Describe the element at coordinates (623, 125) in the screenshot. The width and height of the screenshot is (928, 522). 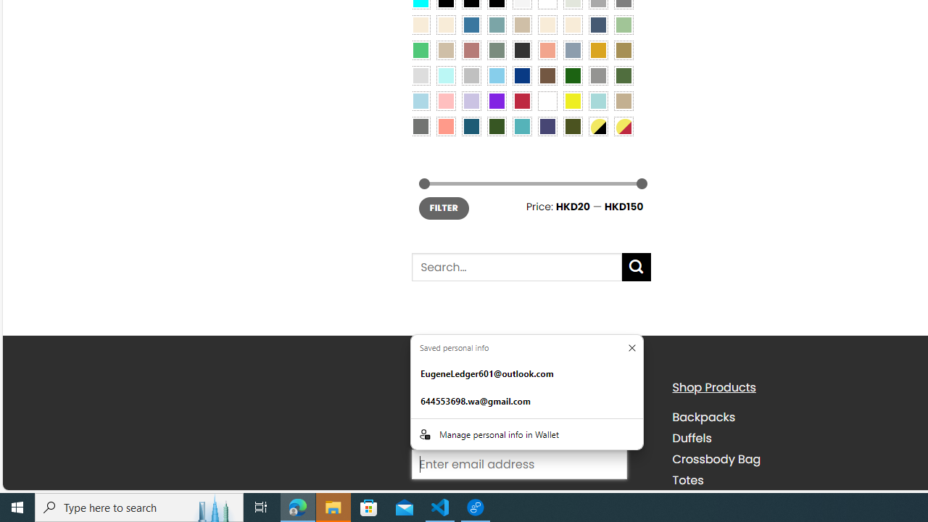
I see `'Yellow-Red'` at that location.